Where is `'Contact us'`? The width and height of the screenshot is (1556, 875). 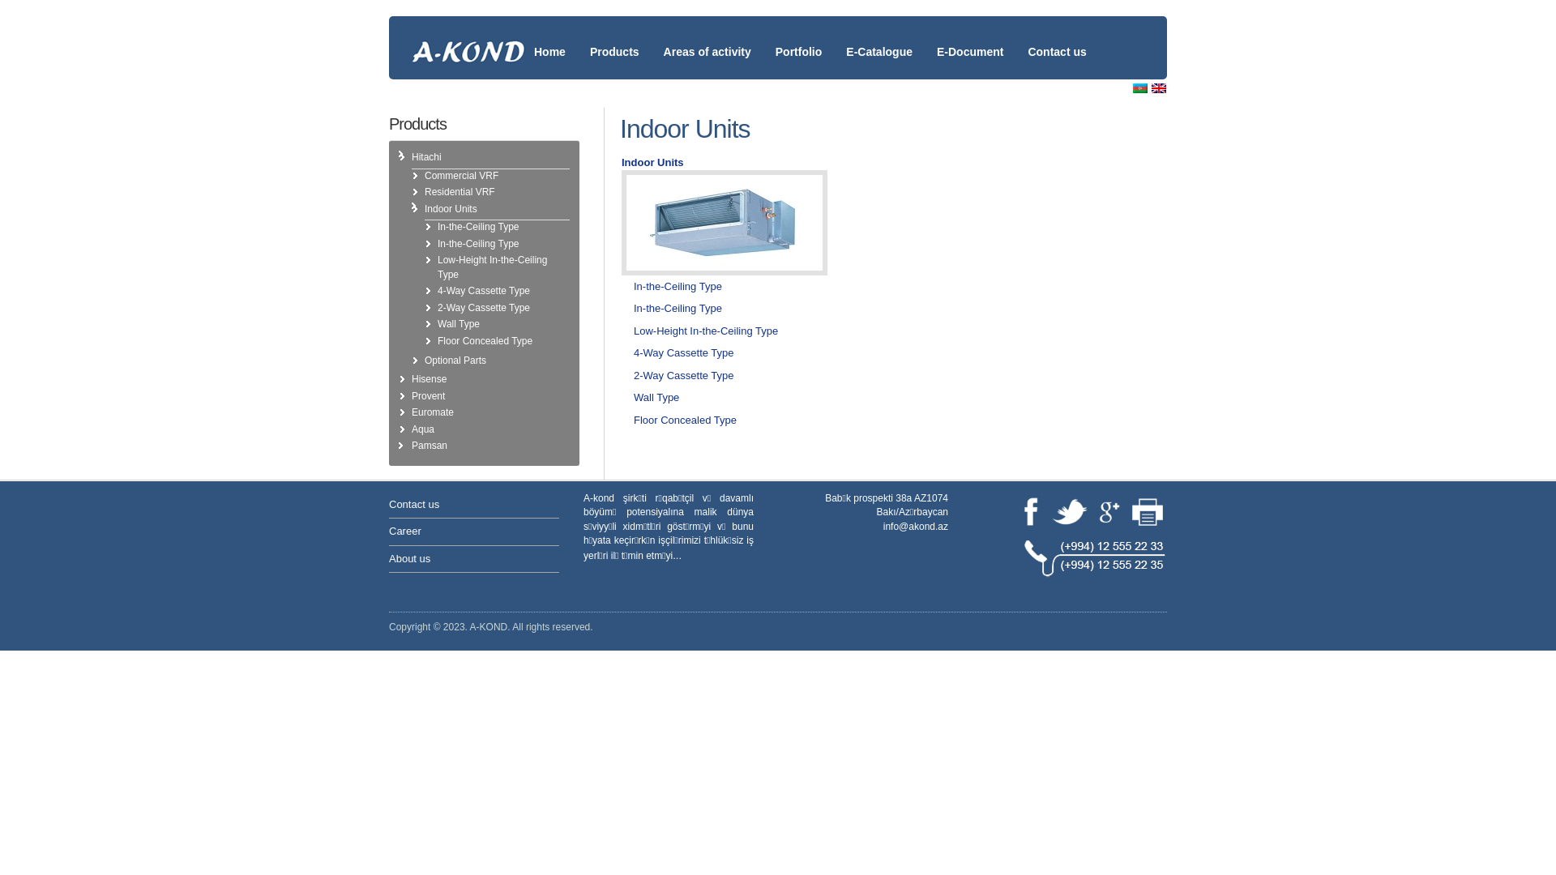 'Contact us' is located at coordinates (1057, 36).